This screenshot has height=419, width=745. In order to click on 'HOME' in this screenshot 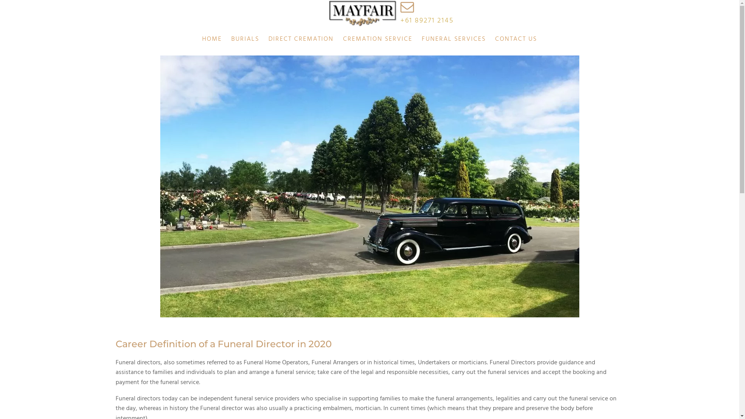, I will do `click(197, 39)`.